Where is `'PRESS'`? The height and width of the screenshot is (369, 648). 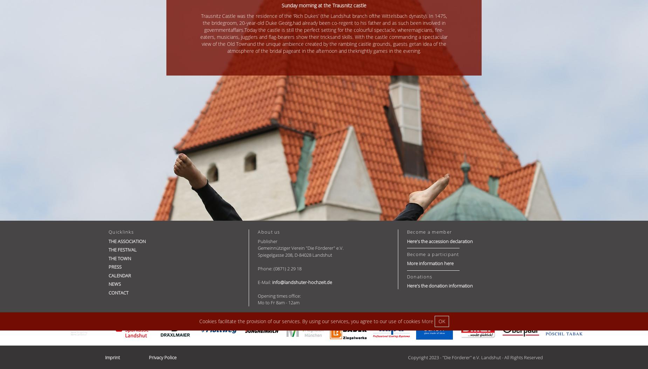
'PRESS' is located at coordinates (115, 267).